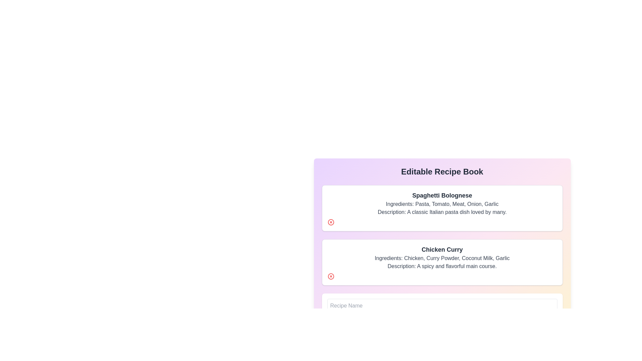  Describe the element at coordinates (442, 212) in the screenshot. I see `text label element that displays 'Description: A classic Italian pasta dish loved by many.' located centrally beneath the ingredients list for 'Spaghetti Bolognese'` at that location.